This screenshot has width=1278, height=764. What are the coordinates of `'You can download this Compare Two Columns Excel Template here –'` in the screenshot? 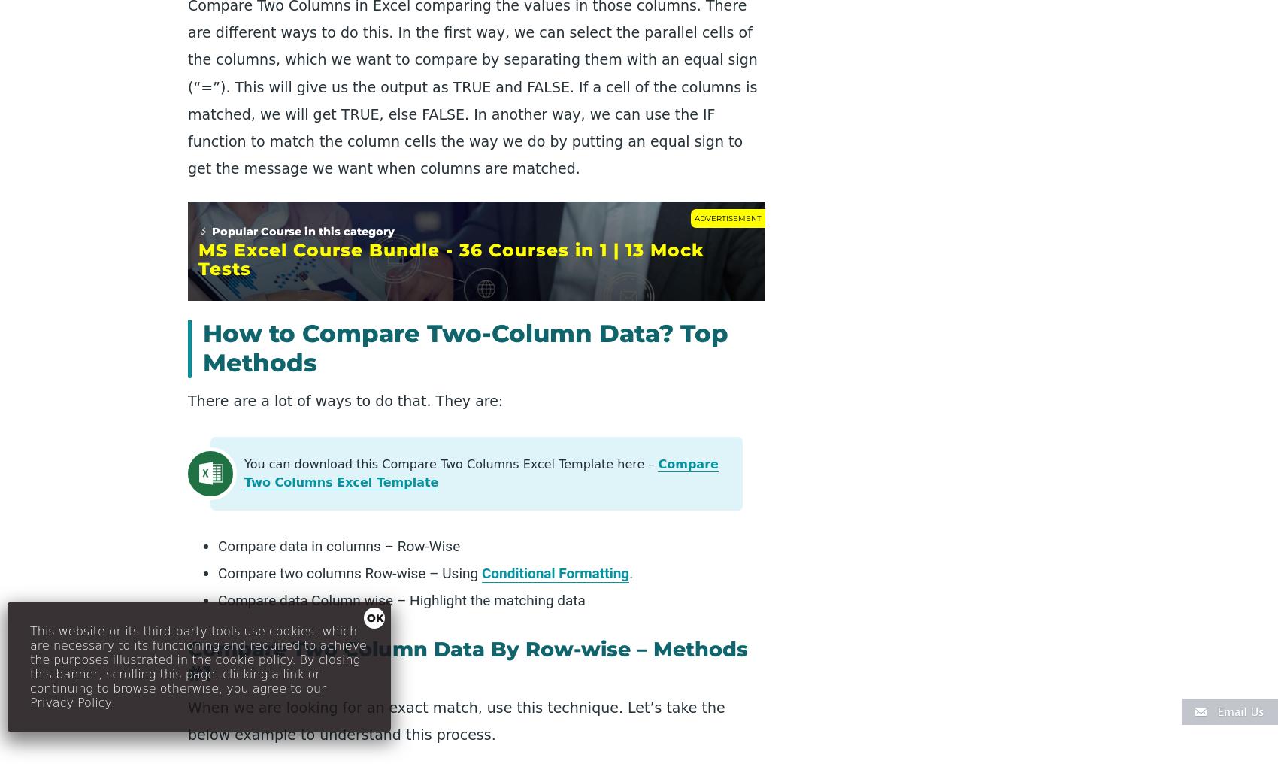 It's located at (450, 463).